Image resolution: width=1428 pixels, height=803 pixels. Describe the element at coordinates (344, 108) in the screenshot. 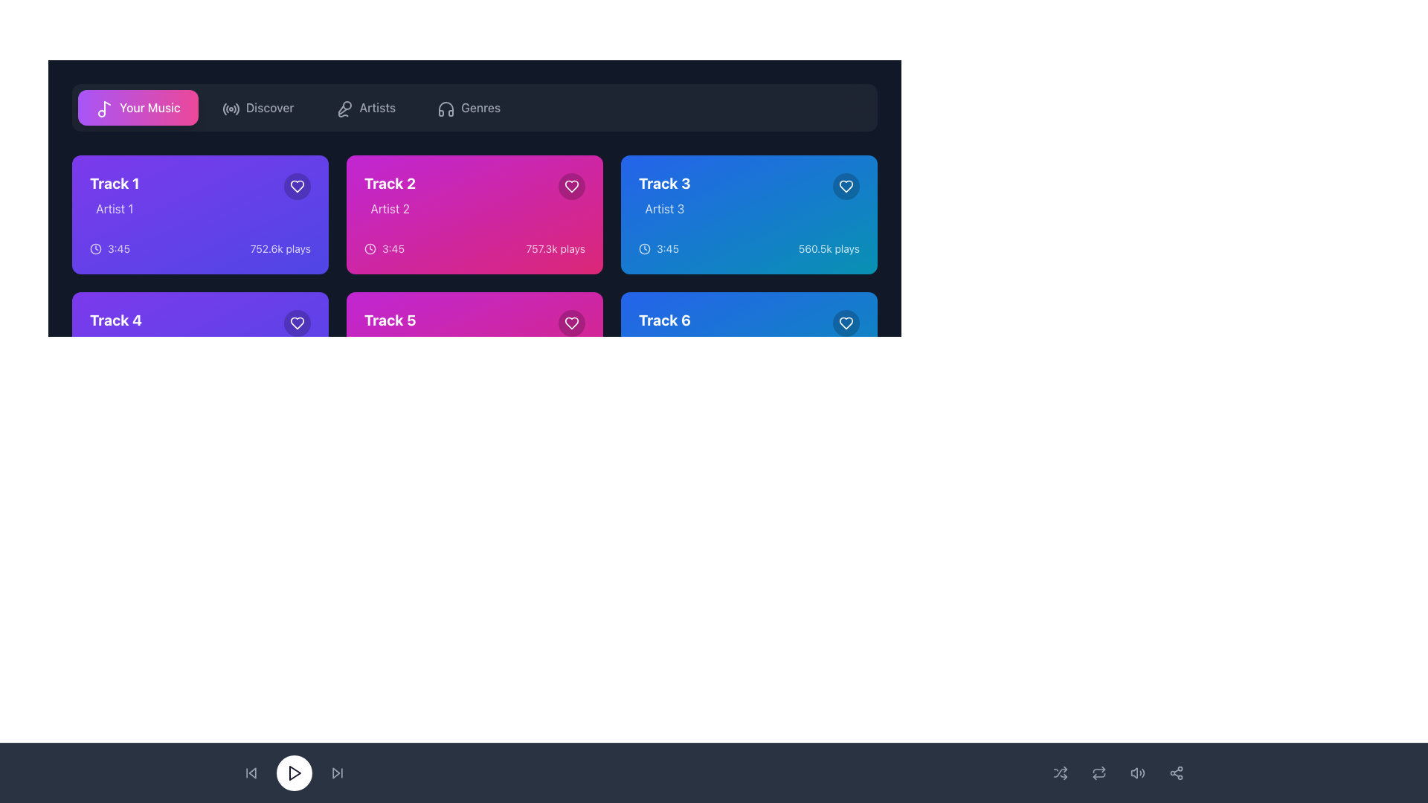

I see `the artist-related content icon located in the horizontal navigation bar, positioned to the right of 'Discover' and left of 'Genres'` at that location.